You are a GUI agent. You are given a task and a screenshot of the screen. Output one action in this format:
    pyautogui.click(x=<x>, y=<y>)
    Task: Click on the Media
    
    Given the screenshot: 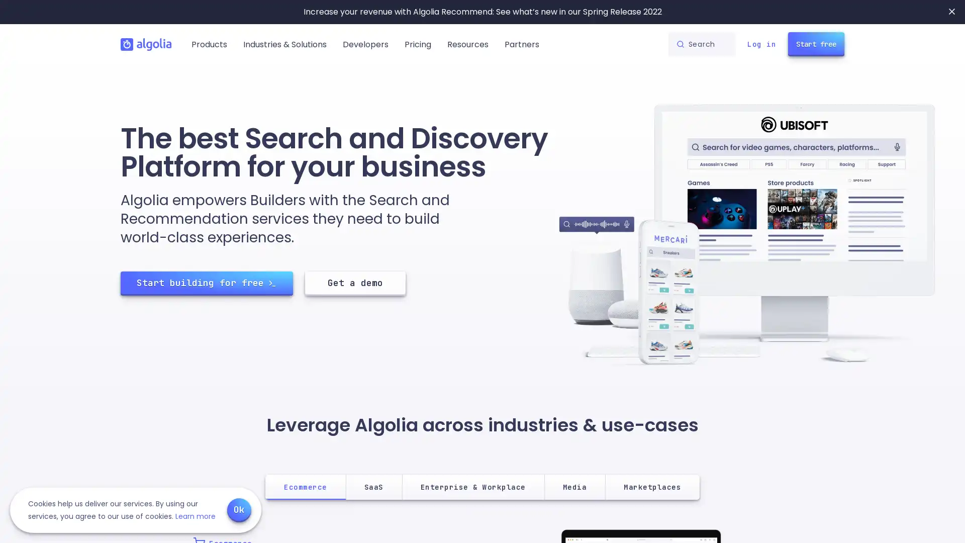 What is the action you would take?
    pyautogui.click(x=574, y=486)
    